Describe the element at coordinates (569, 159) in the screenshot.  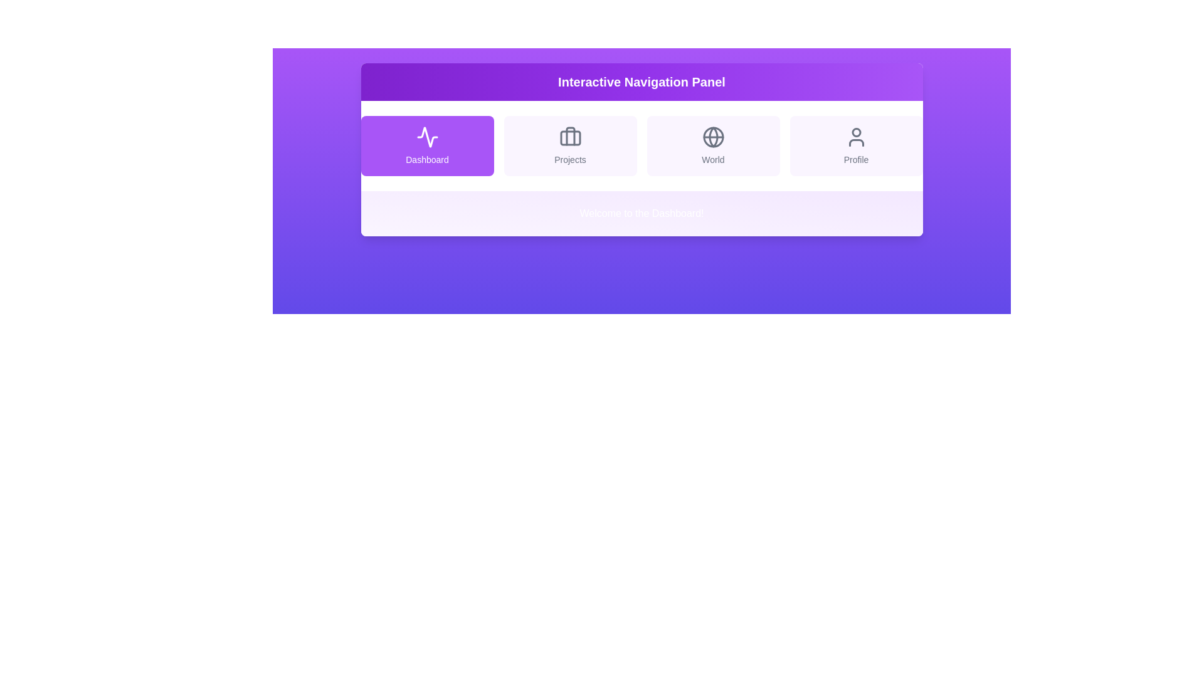
I see `the 'Projects' text label located beneath the briefcase icon in the navigation panel` at that location.